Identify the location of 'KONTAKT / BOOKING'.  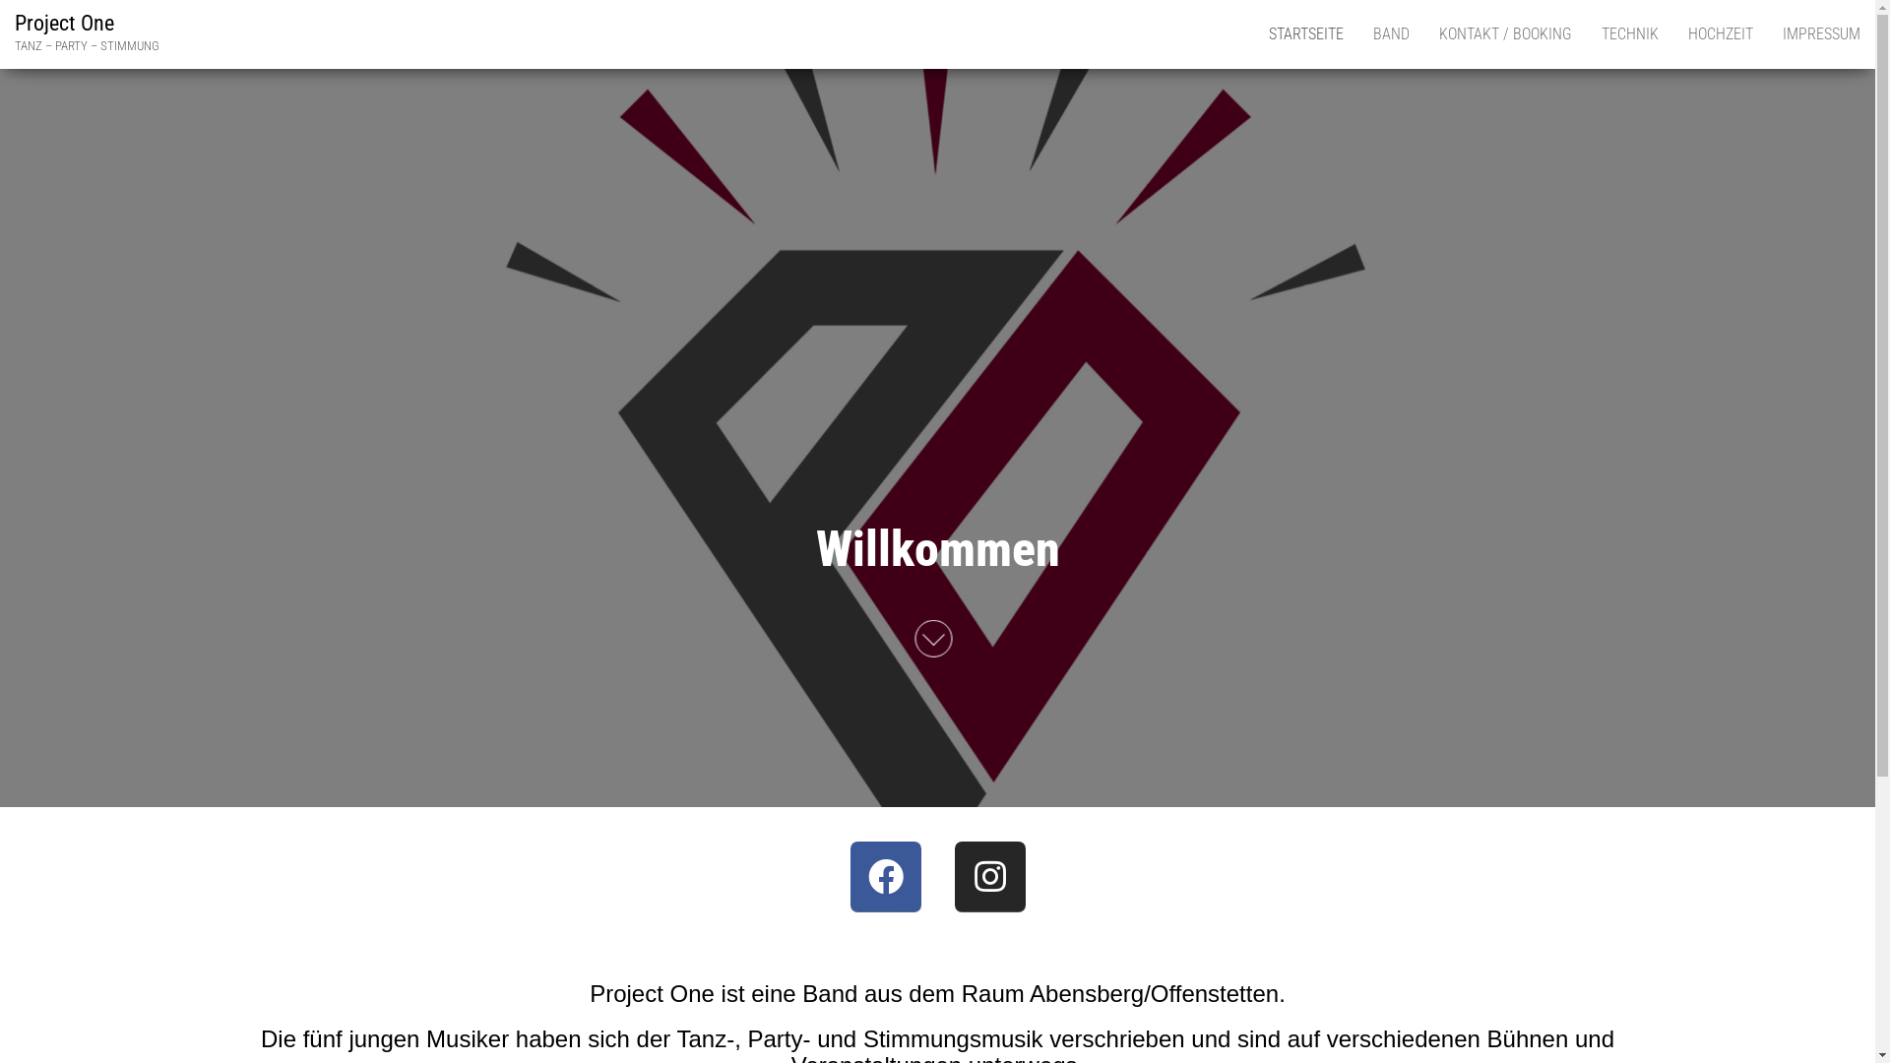
(1504, 33).